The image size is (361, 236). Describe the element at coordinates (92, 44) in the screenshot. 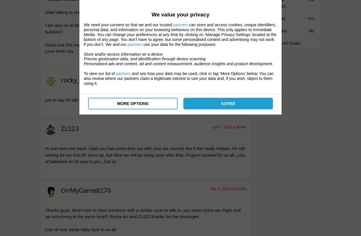

I see `'Good luck this month, babydust coming your way.'` at that location.